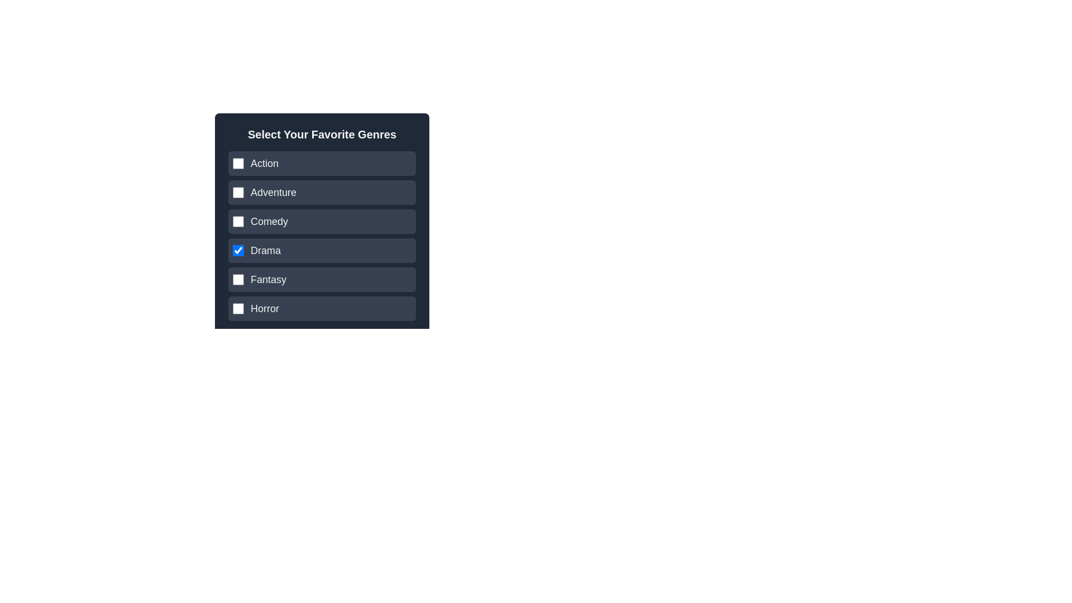 This screenshot has width=1072, height=603. What do you see at coordinates (265, 250) in the screenshot?
I see `the interactive checkbox associated with the 'Drama' label` at bounding box center [265, 250].